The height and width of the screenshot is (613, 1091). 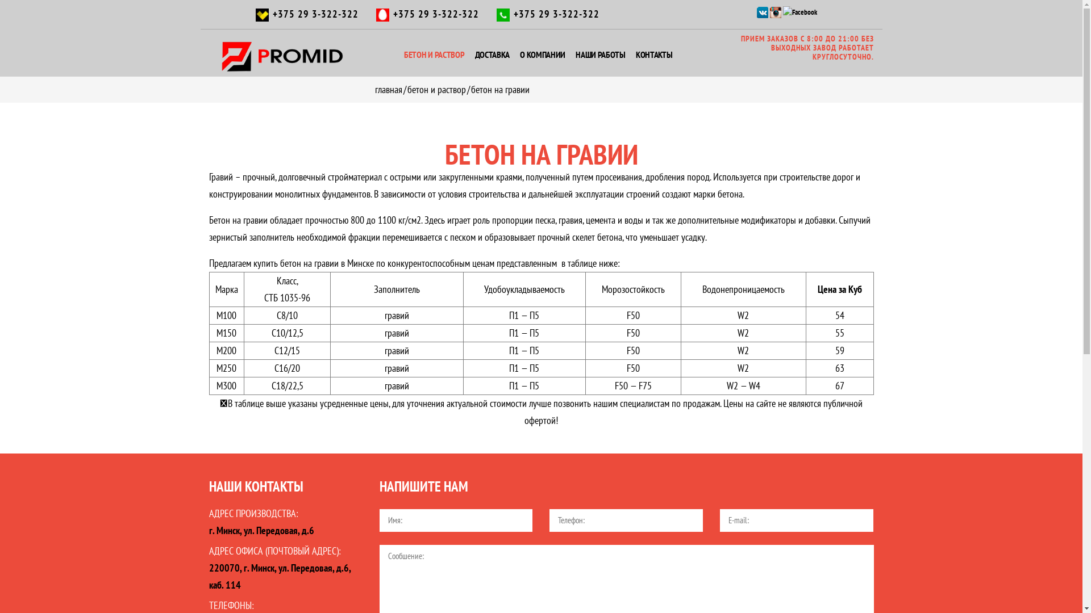 What do you see at coordinates (435, 14) in the screenshot?
I see `'+375 29 3-322-322'` at bounding box center [435, 14].